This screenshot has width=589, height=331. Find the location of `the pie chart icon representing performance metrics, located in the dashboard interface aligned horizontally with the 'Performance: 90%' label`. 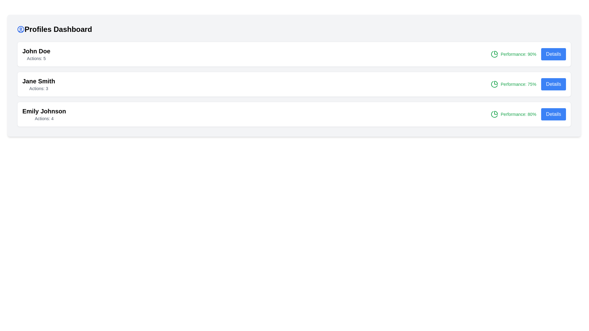

the pie chart icon representing performance metrics, located in the dashboard interface aligned horizontally with the 'Performance: 90%' label is located at coordinates (495, 54).